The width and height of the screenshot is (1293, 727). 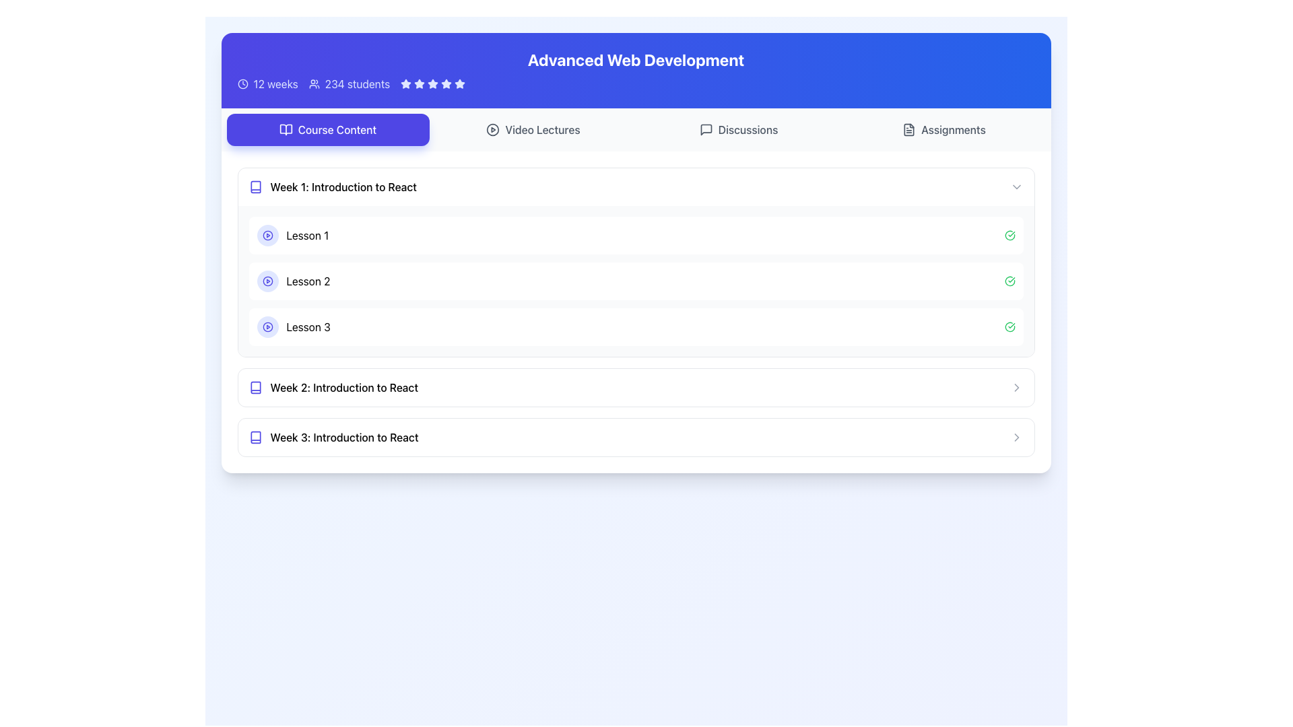 I want to click on the play icon next to the 'Lesson 3' text label to play the associated media in the list item under 'Week 1: Introduction to React', so click(x=293, y=327).